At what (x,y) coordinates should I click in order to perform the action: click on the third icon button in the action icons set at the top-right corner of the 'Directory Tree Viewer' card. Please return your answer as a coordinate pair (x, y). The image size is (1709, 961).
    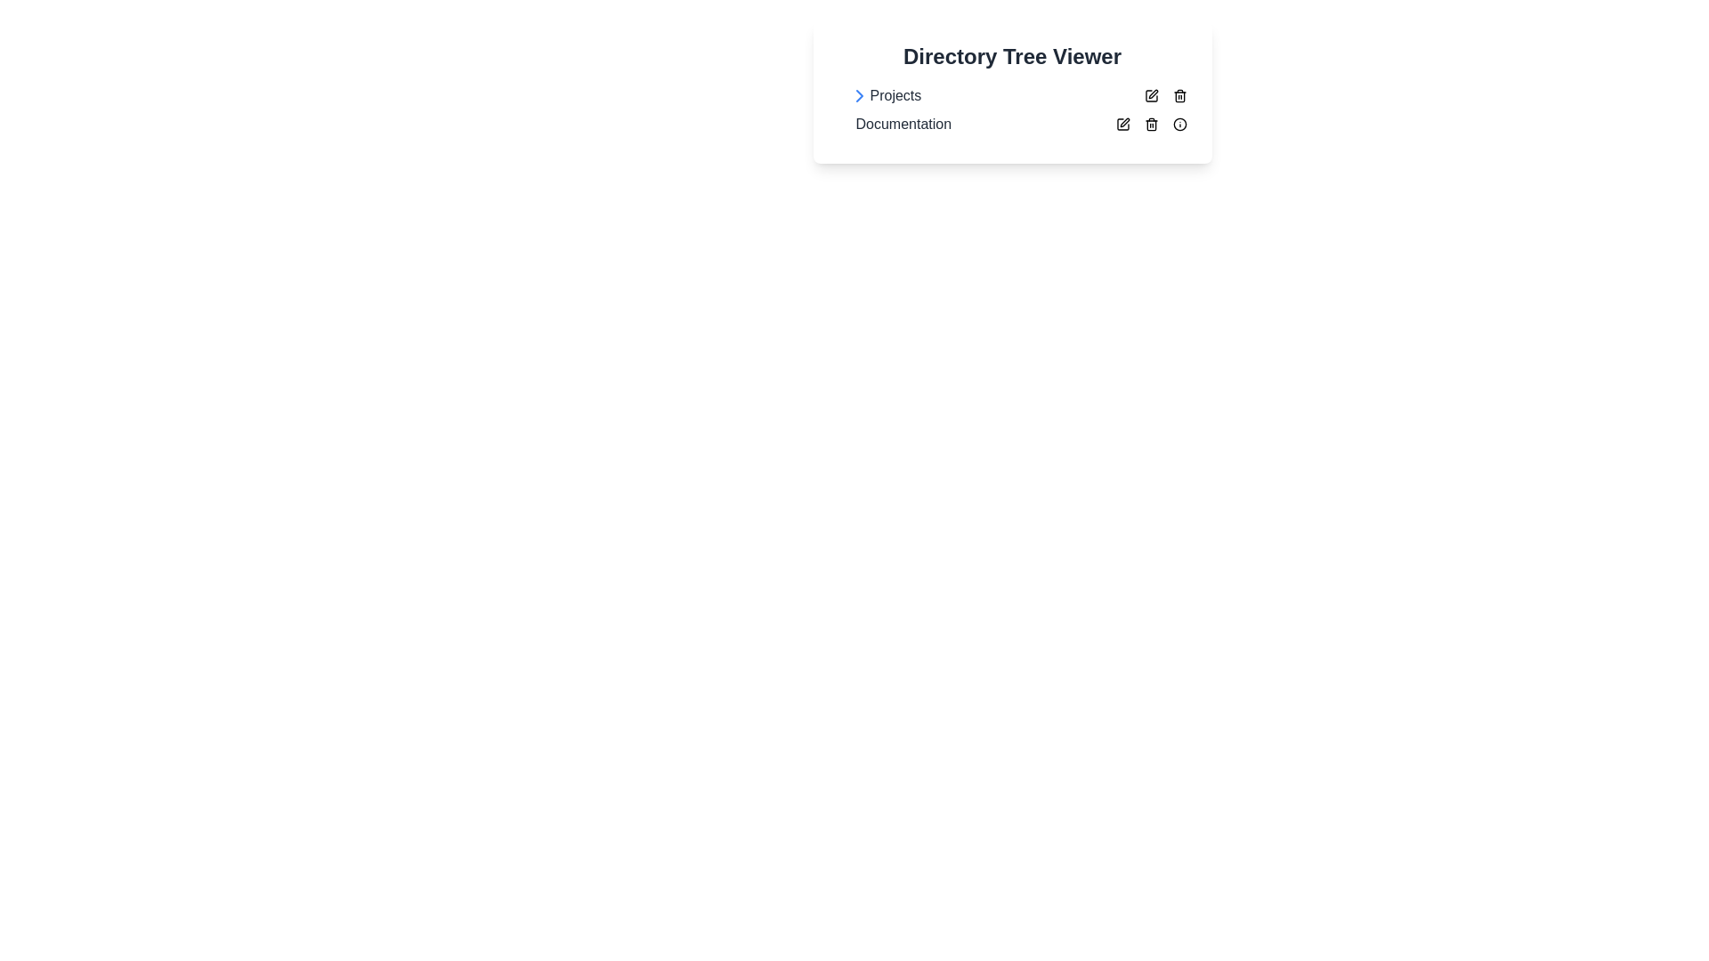
    Looking at the image, I should click on (1151, 123).